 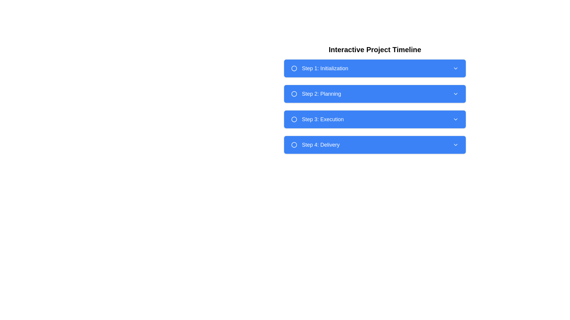 I want to click on the circular icon with a white border over a blue background, located to the left of the 'Step 4: Delivery' text in the interactive project timeline, so click(x=294, y=145).